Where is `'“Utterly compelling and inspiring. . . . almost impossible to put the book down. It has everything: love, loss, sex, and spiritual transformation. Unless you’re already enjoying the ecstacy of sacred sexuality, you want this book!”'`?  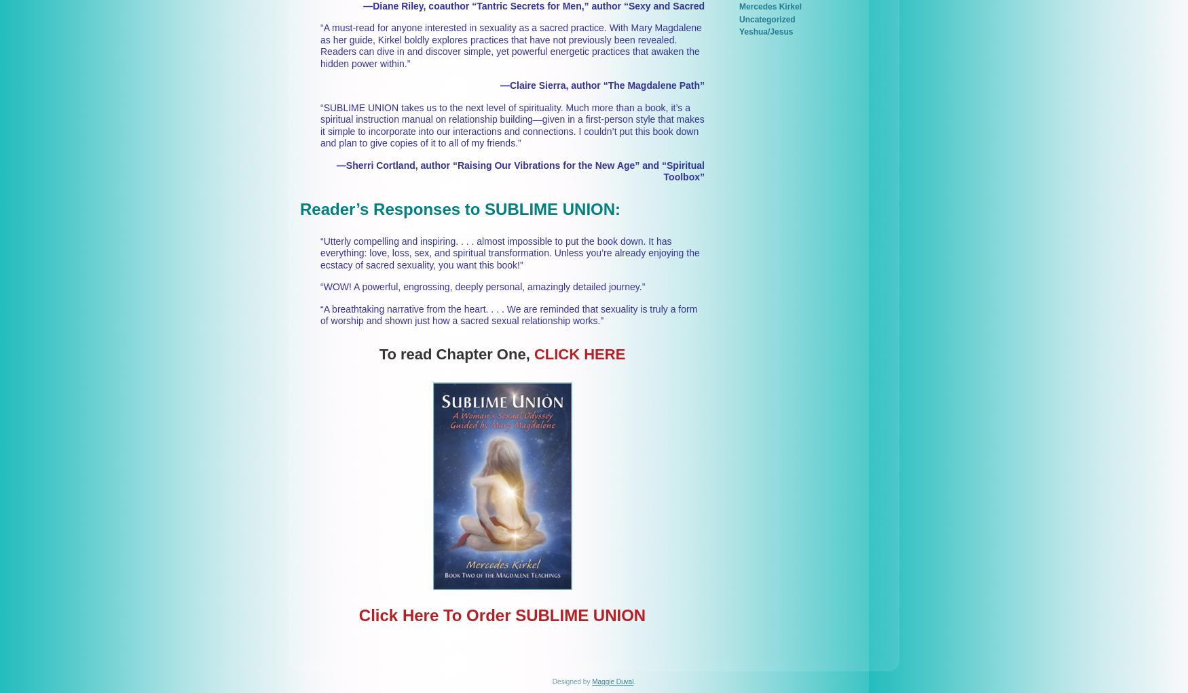
'“Utterly compelling and inspiring. . . . almost impossible to put the book down. It has everything: love, loss, sex, and spiritual transformation. Unless you’re already enjoying the ecstacy of sacred sexuality, you want this book!”' is located at coordinates (509, 252).